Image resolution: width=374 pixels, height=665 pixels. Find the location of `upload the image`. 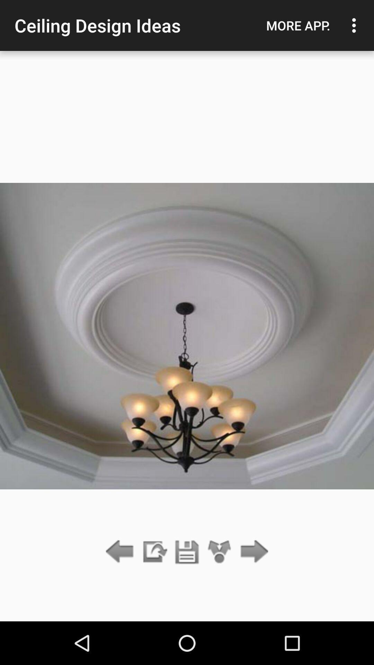

upload the image is located at coordinates (154, 552).